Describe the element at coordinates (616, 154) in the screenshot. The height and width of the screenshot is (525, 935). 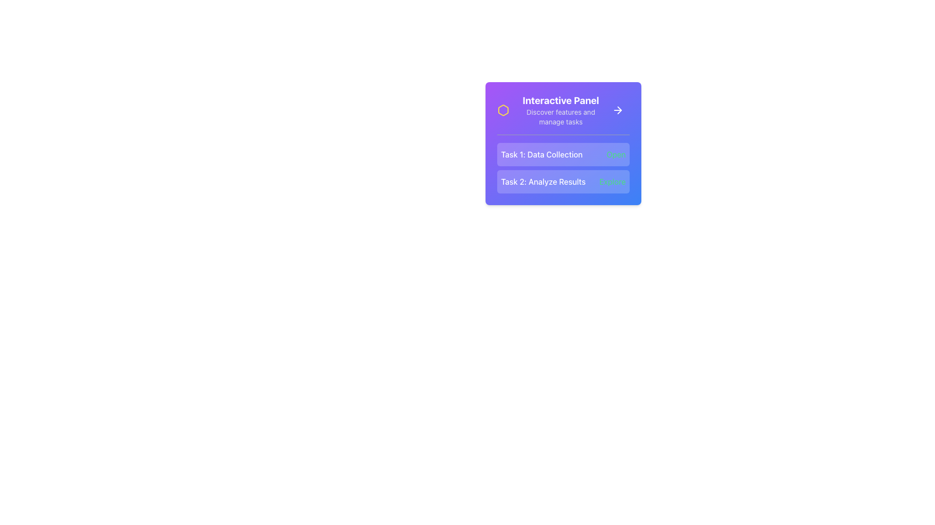
I see `the button-like link located to the right of 'Task 1: Data Collection'` at that location.